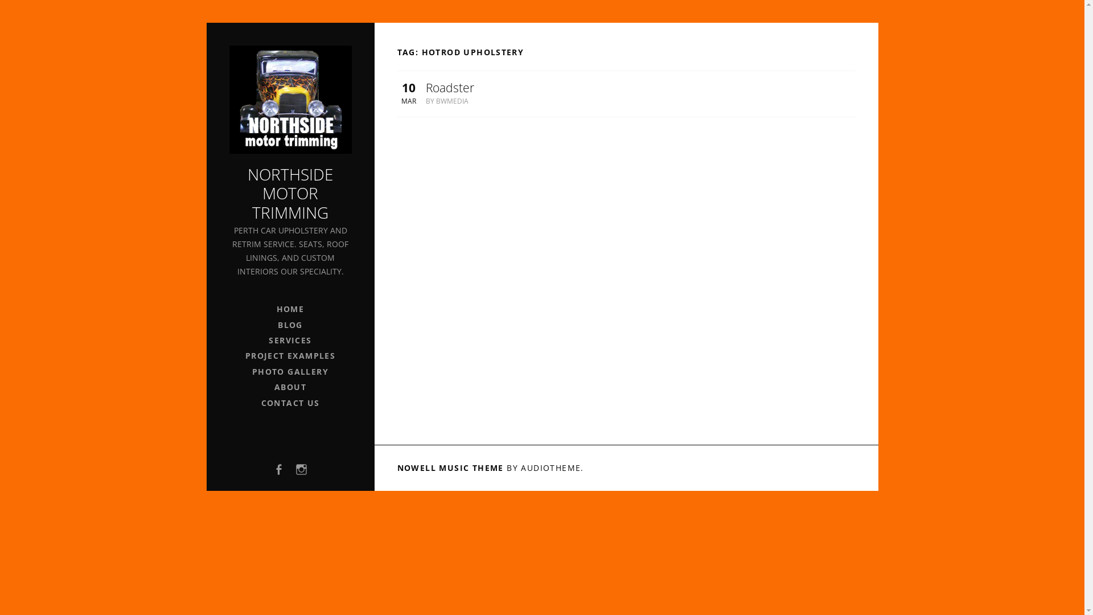 The height and width of the screenshot is (615, 1093). What do you see at coordinates (451, 100) in the screenshot?
I see `'BWMEDIA'` at bounding box center [451, 100].